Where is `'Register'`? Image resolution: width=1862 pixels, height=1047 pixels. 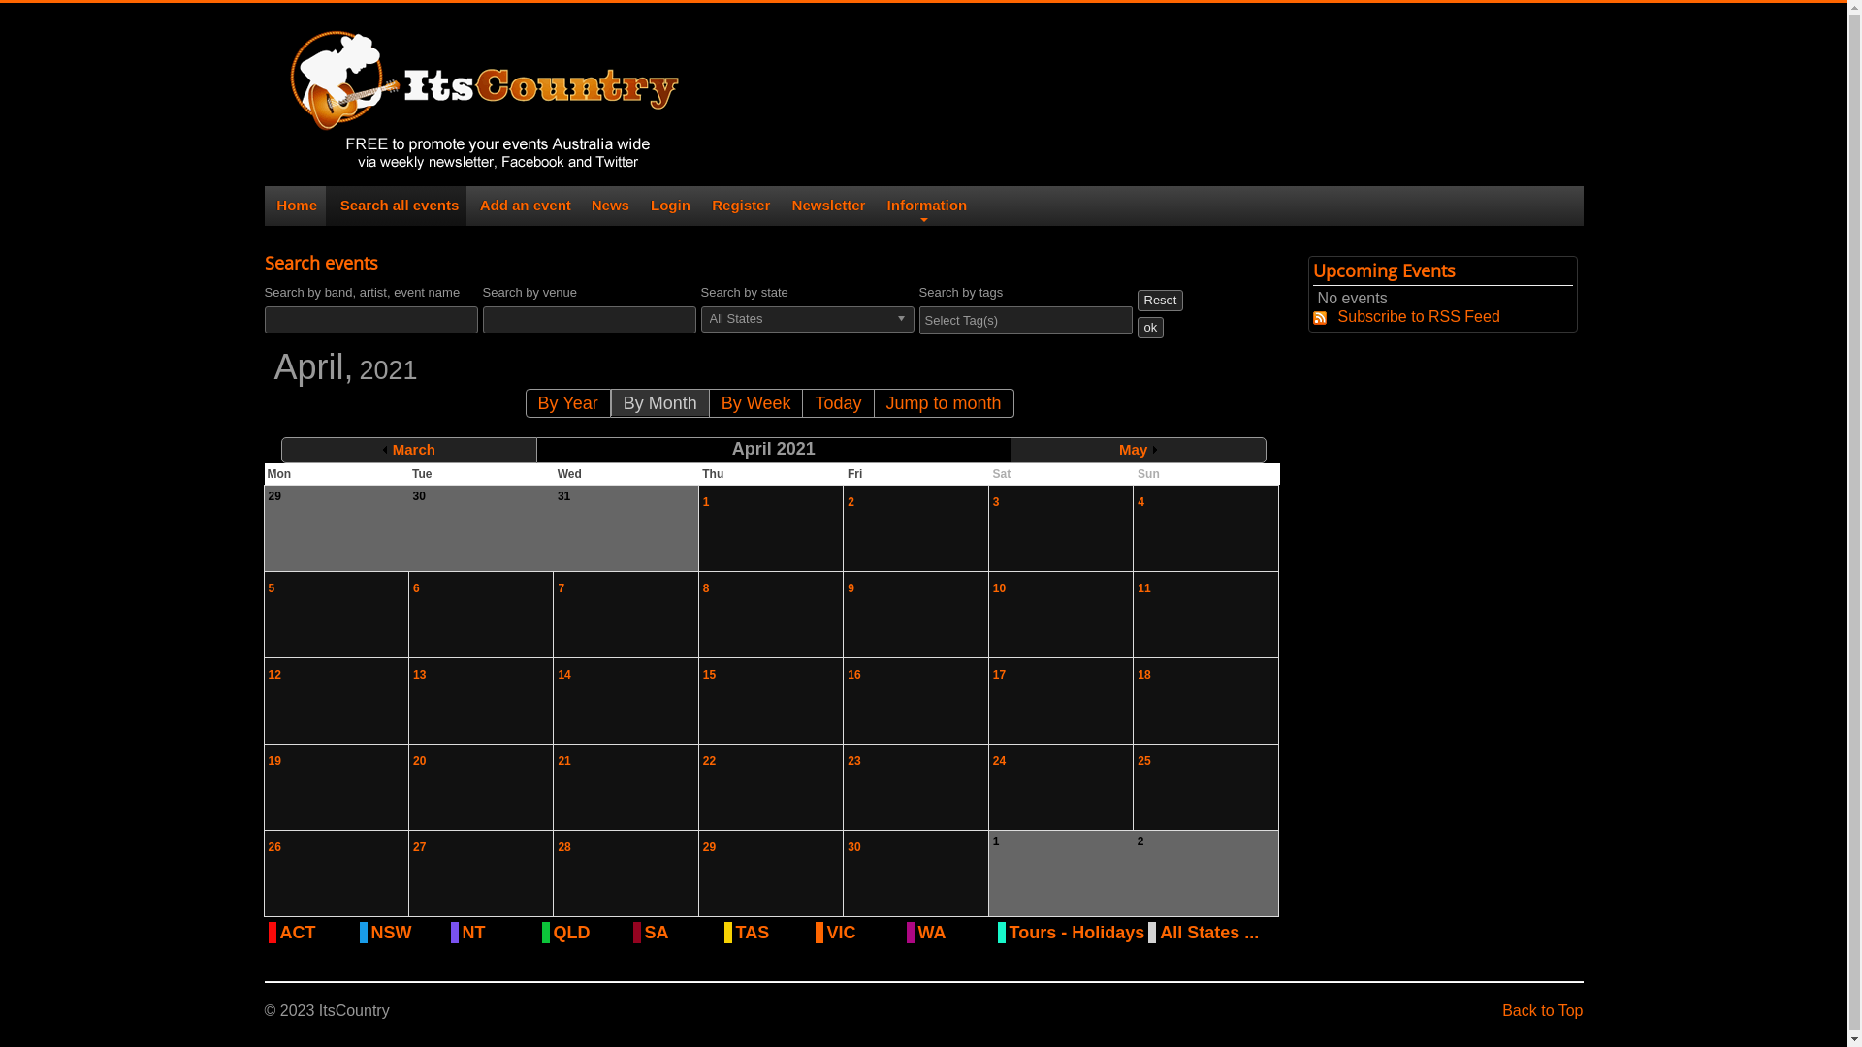 'Register' is located at coordinates (738, 206).